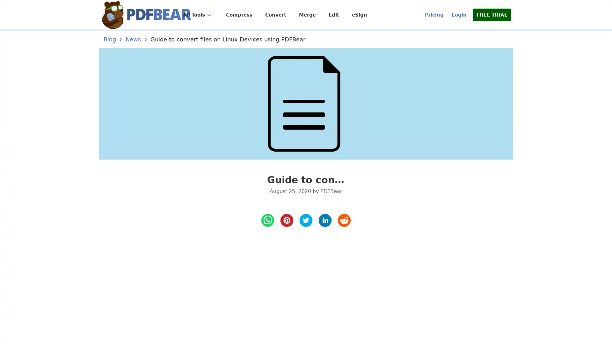  What do you see at coordinates (238, 14) in the screenshot?
I see `Compress` at bounding box center [238, 14].